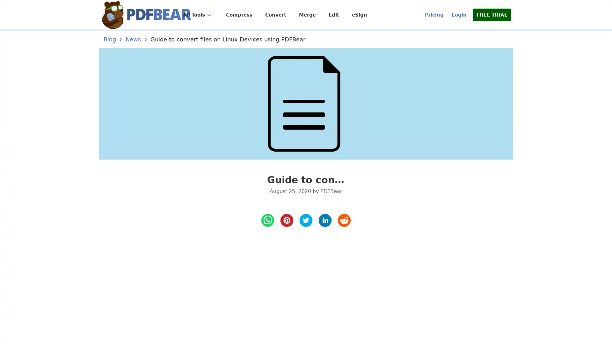  What do you see at coordinates (238, 14) in the screenshot?
I see `Compress` at bounding box center [238, 14].